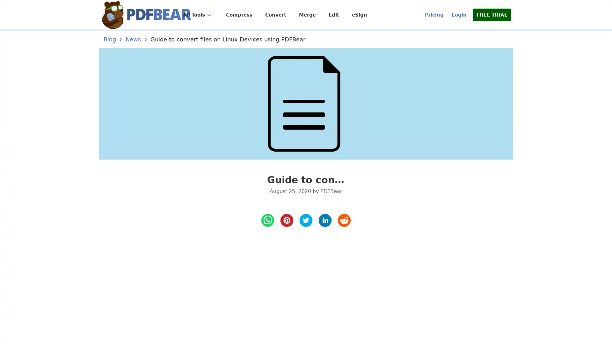  What do you see at coordinates (238, 14) in the screenshot?
I see `Compress` at bounding box center [238, 14].